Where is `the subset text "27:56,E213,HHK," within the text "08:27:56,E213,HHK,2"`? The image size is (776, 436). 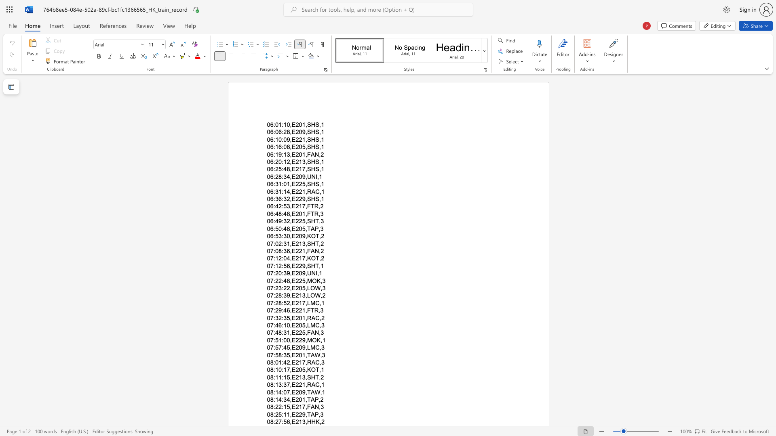 the subset text "27:56,E213,HHK," within the text "08:27:56,E213,HHK,2" is located at coordinates (275, 421).